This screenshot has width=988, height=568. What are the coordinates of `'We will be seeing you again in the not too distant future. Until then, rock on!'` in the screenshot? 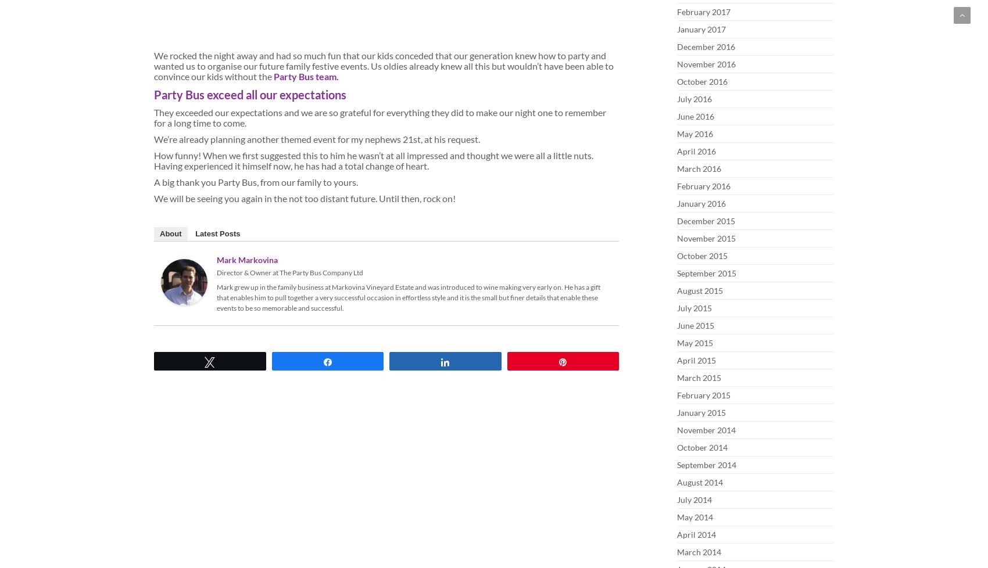 It's located at (305, 197).